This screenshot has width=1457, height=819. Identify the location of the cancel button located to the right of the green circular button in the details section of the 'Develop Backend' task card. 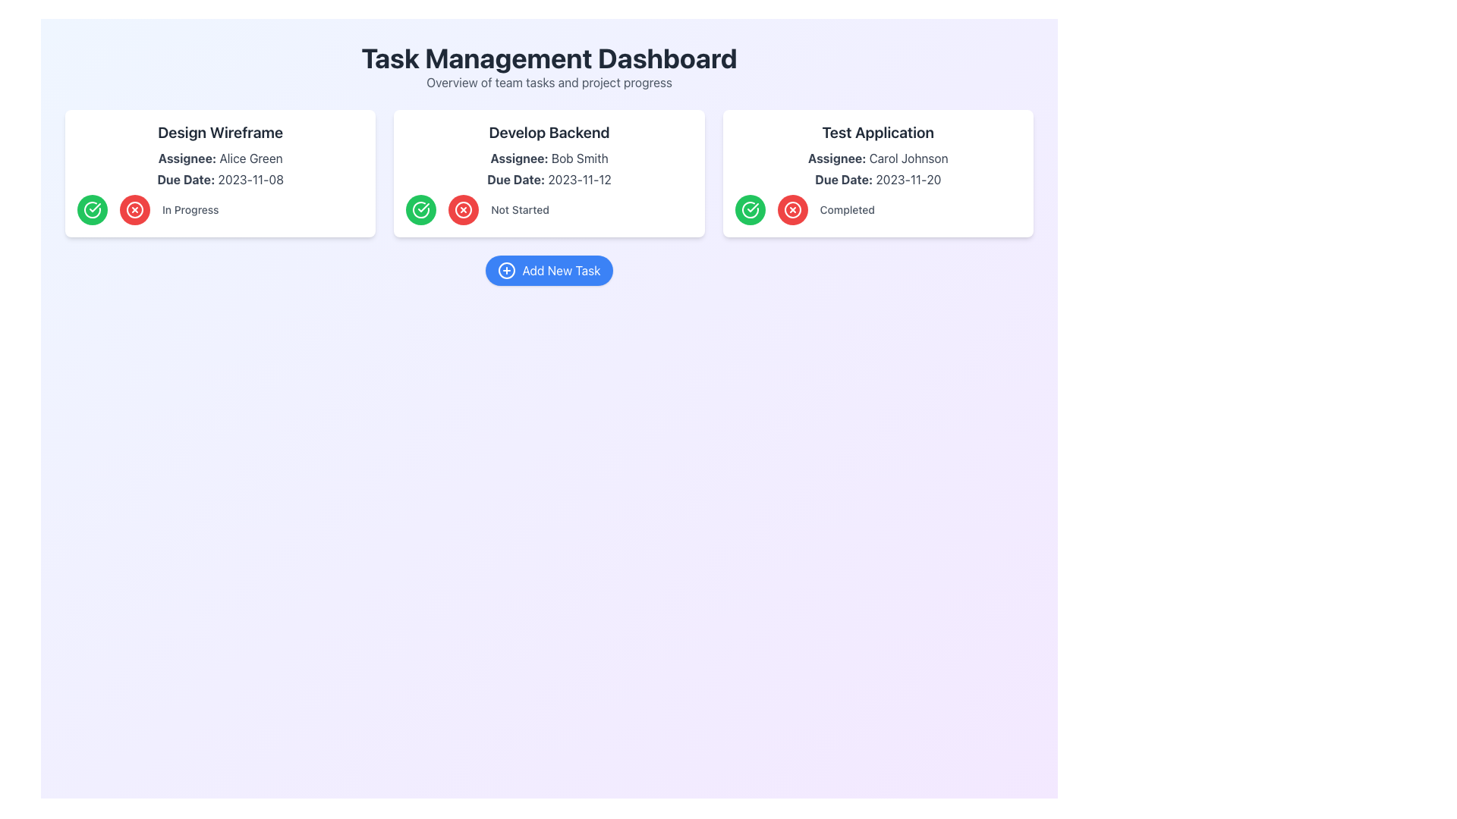
(463, 210).